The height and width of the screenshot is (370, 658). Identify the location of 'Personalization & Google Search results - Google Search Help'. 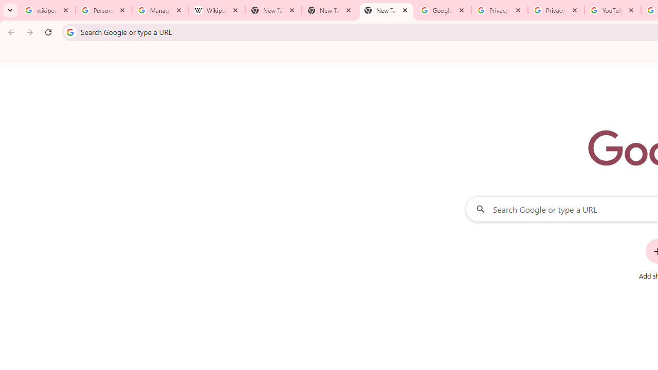
(104, 10).